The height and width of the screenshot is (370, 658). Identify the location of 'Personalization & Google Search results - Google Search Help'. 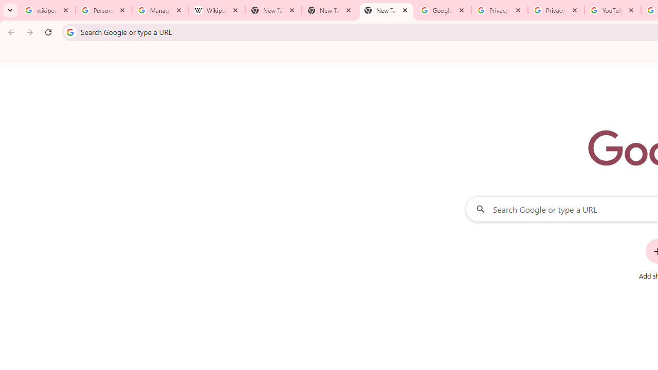
(104, 10).